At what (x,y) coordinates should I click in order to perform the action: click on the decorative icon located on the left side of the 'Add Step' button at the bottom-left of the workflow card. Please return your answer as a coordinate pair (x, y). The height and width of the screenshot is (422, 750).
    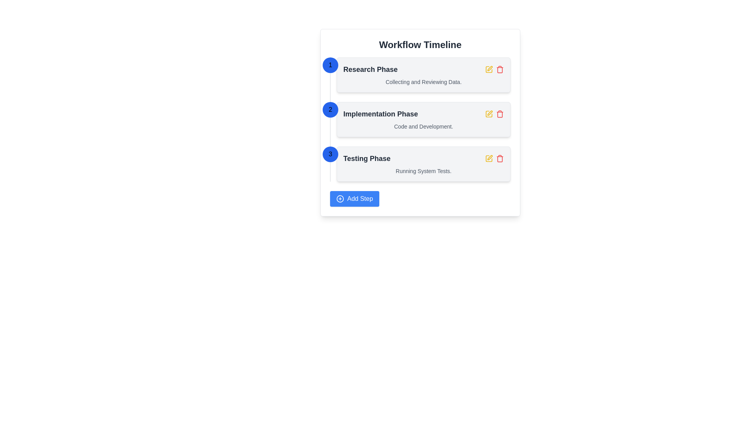
    Looking at the image, I should click on (340, 198).